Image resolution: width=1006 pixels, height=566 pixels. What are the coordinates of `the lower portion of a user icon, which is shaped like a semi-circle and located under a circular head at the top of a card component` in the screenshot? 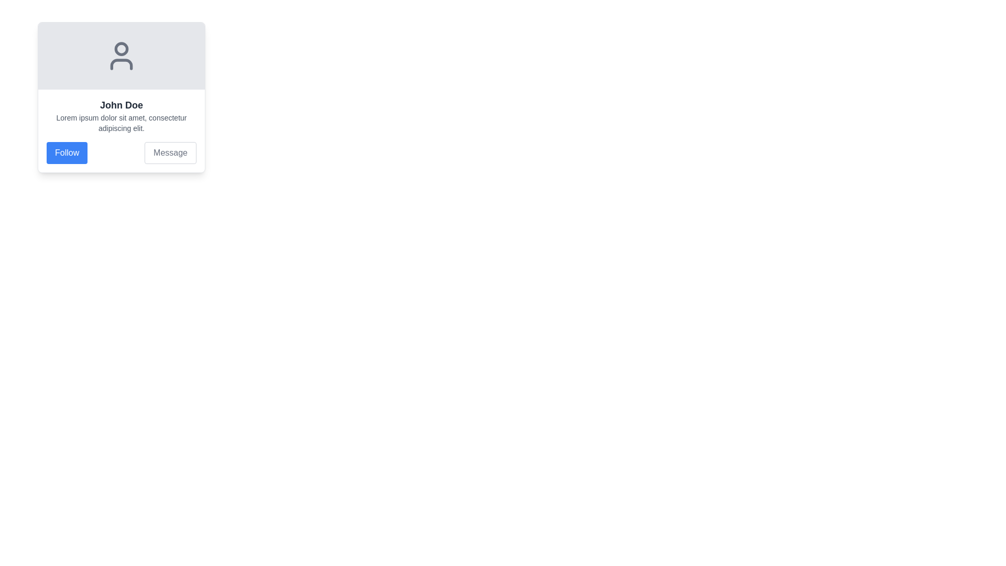 It's located at (121, 64).